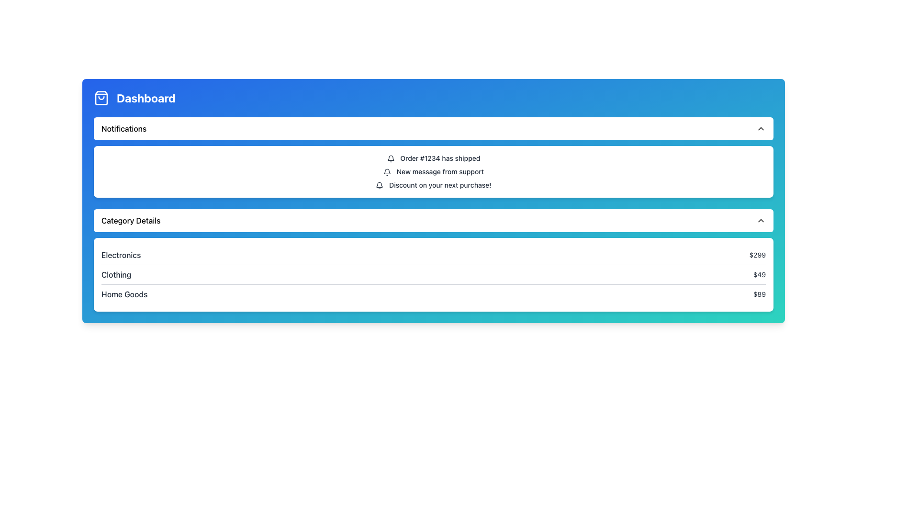 The height and width of the screenshot is (517, 919). What do you see at coordinates (433, 275) in the screenshot?
I see `text pair 'Clothing' and '$49' located in the middle row of the 'Category Details' section` at bounding box center [433, 275].